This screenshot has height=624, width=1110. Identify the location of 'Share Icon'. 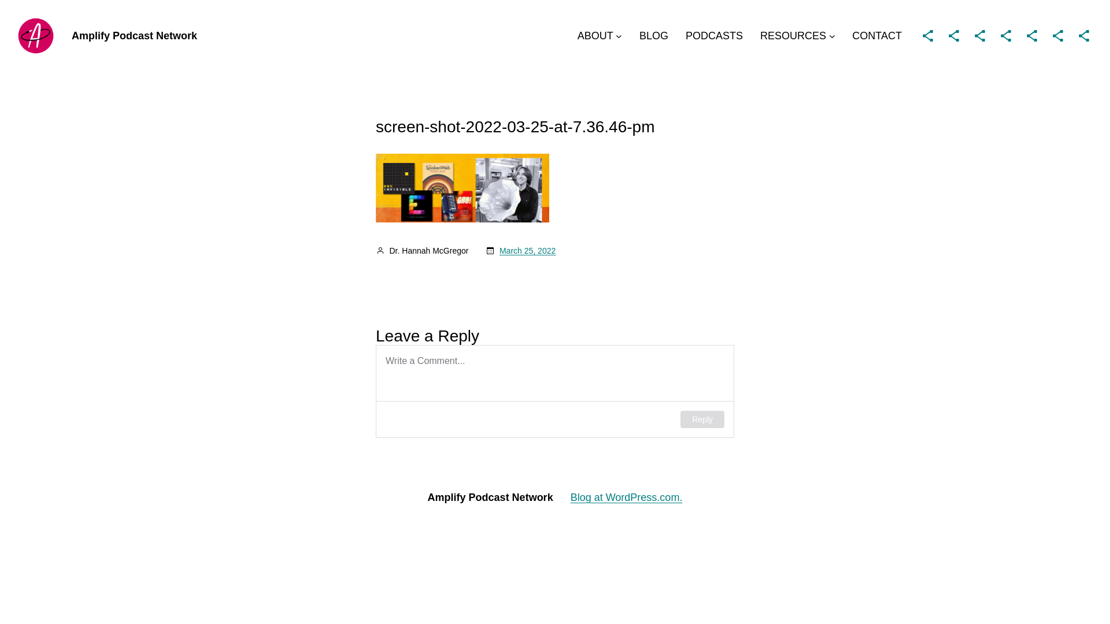
(927, 35).